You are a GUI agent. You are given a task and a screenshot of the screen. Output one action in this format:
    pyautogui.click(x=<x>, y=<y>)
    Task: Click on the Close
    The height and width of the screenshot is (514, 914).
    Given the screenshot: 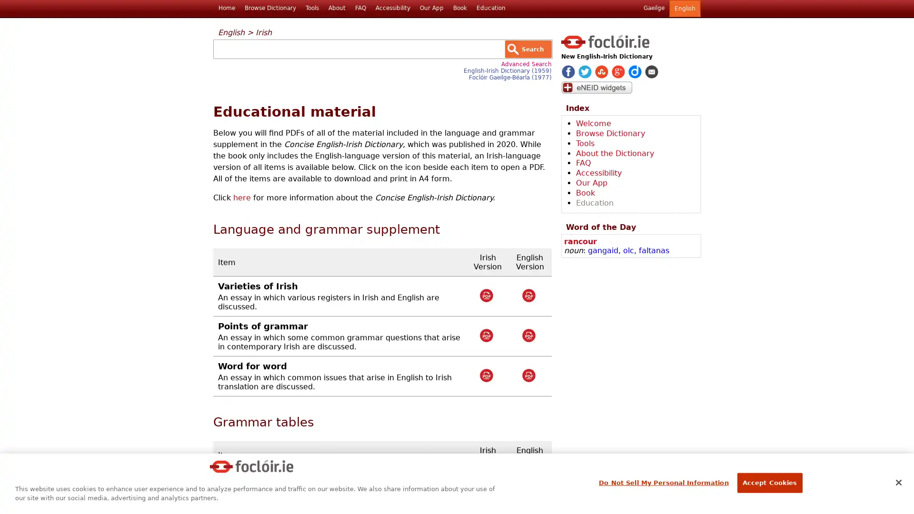 What is the action you would take?
    pyautogui.click(x=898, y=483)
    